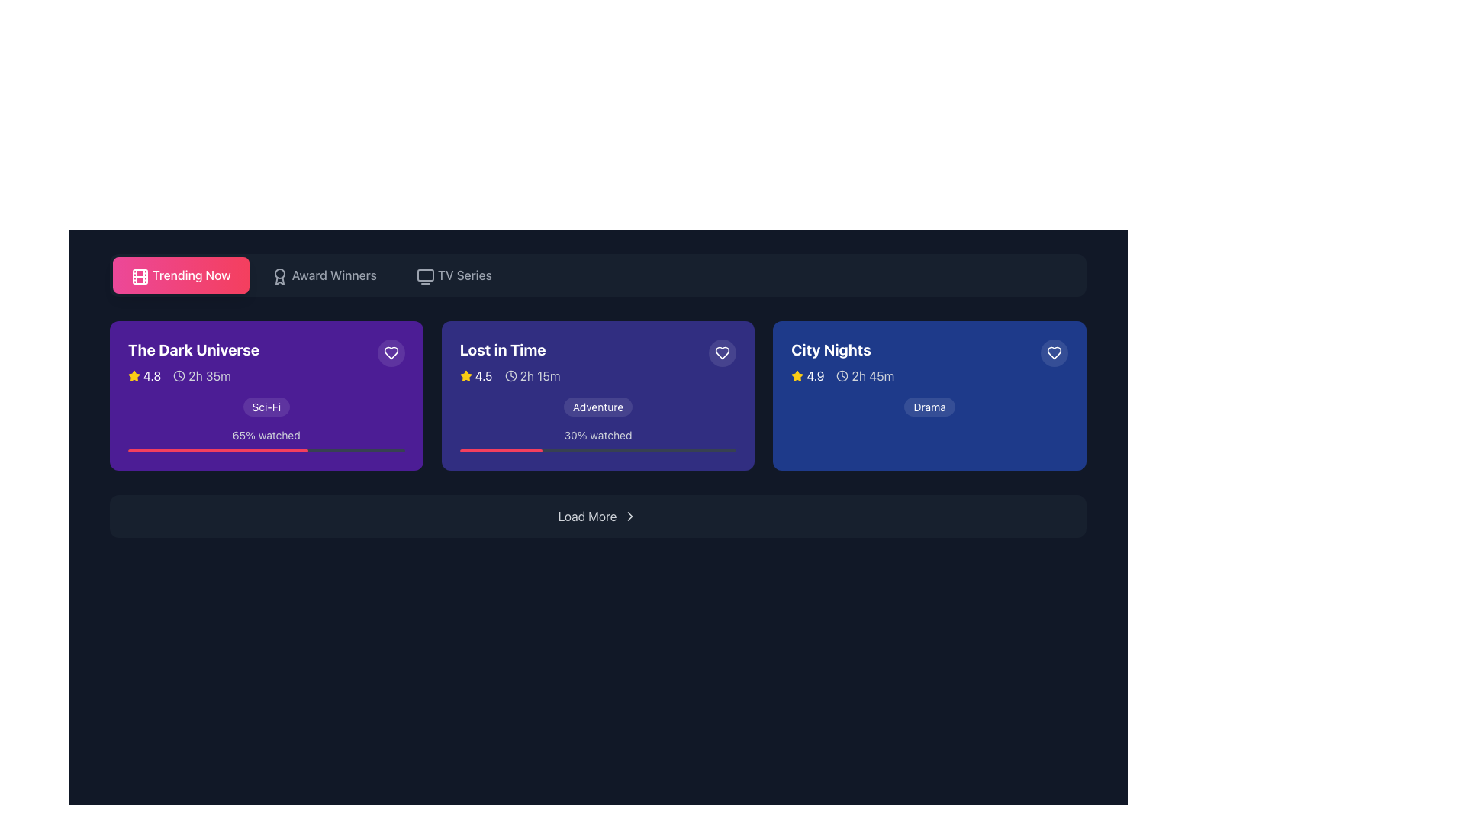 This screenshot has width=1465, height=824. Describe the element at coordinates (533, 376) in the screenshot. I see `displayed duration from the text label that shows '2h 15m' following a clock icon, located in the second card titled 'Lost in Time'` at that location.